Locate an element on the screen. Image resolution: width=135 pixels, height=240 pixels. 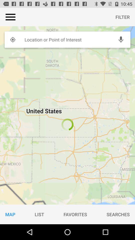
the location_crosshair icon is located at coordinates (12, 39).